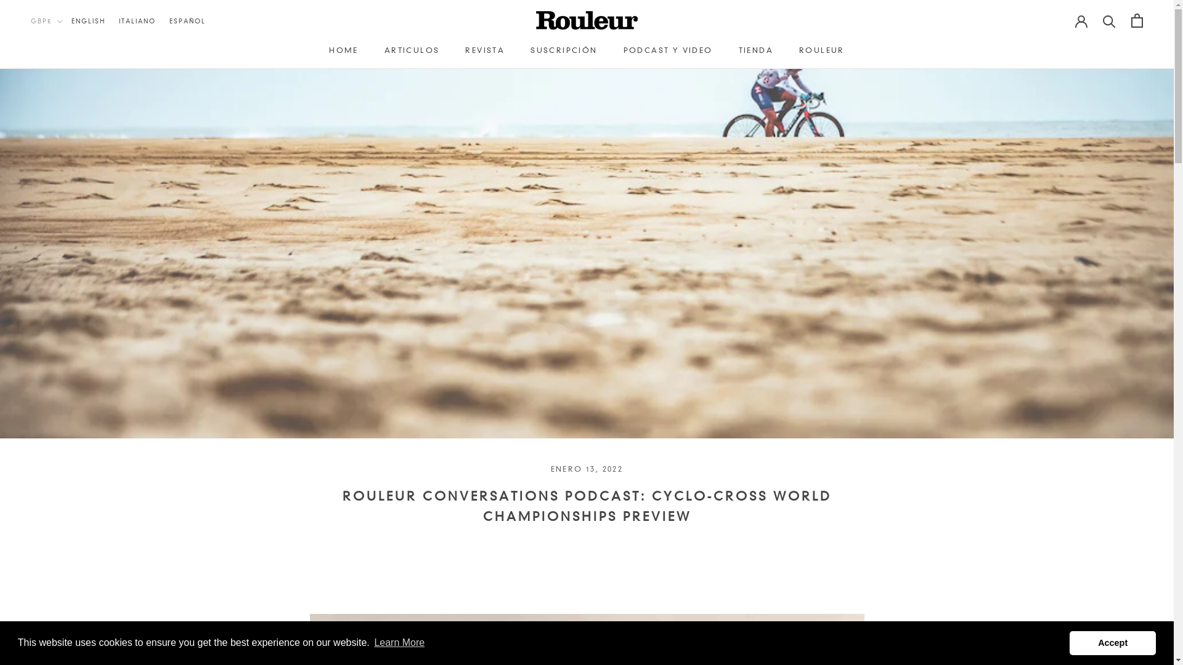 The width and height of the screenshot is (1183, 665). I want to click on 'ITALIANO', so click(142, 21).